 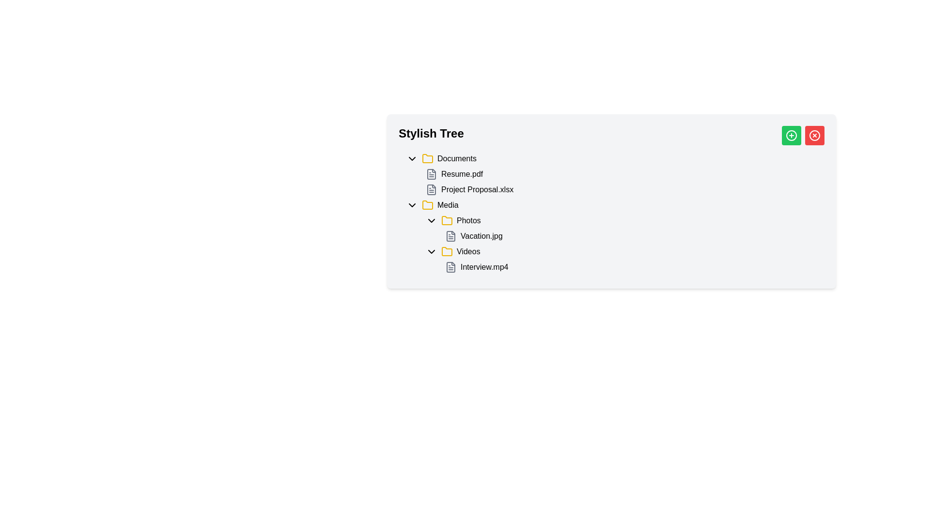 I want to click on the red circular button with a white 'X' icon, so click(x=814, y=136).